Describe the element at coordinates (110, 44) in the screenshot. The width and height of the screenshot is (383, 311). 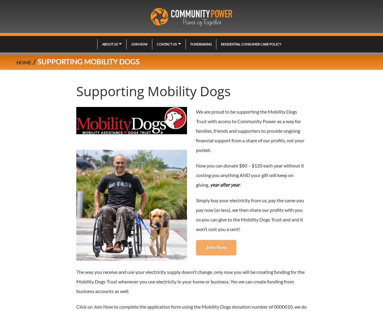
I see `'About Us'` at that location.